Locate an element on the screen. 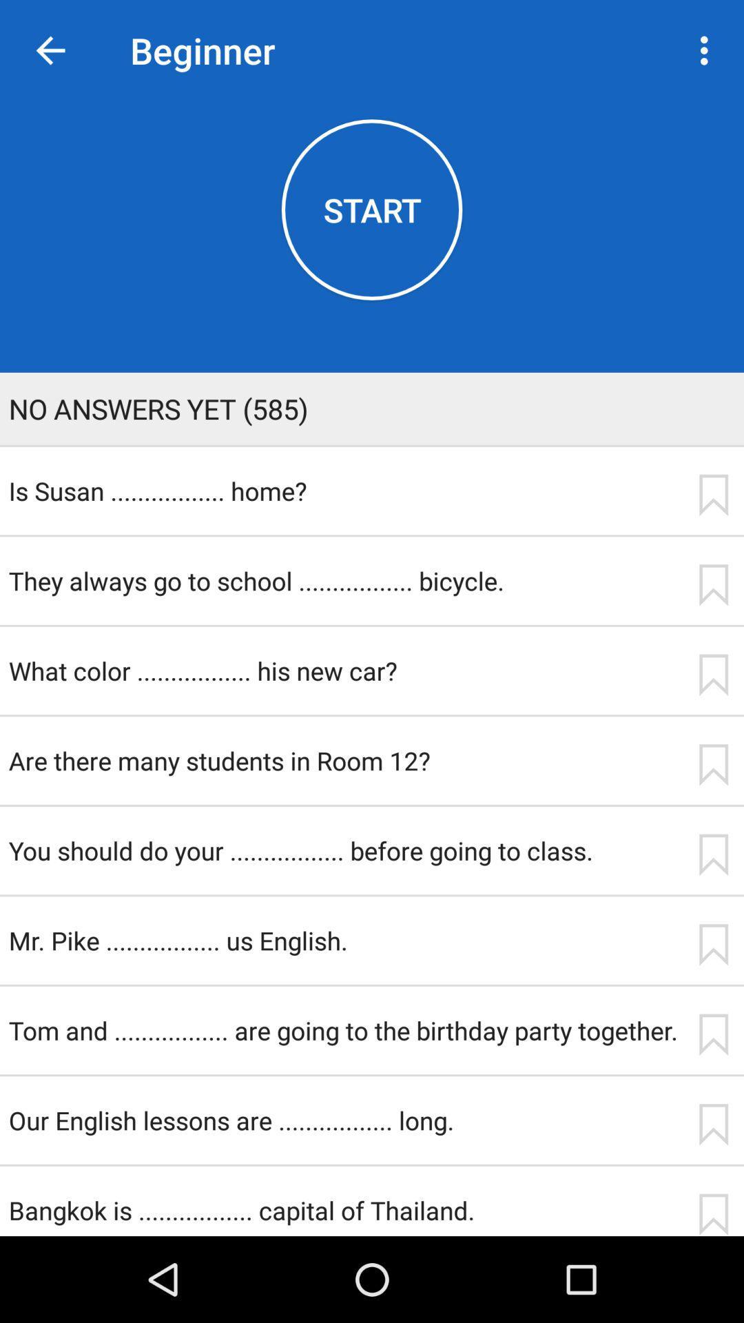 The width and height of the screenshot is (744, 1323). click last option is located at coordinates (713, 854).